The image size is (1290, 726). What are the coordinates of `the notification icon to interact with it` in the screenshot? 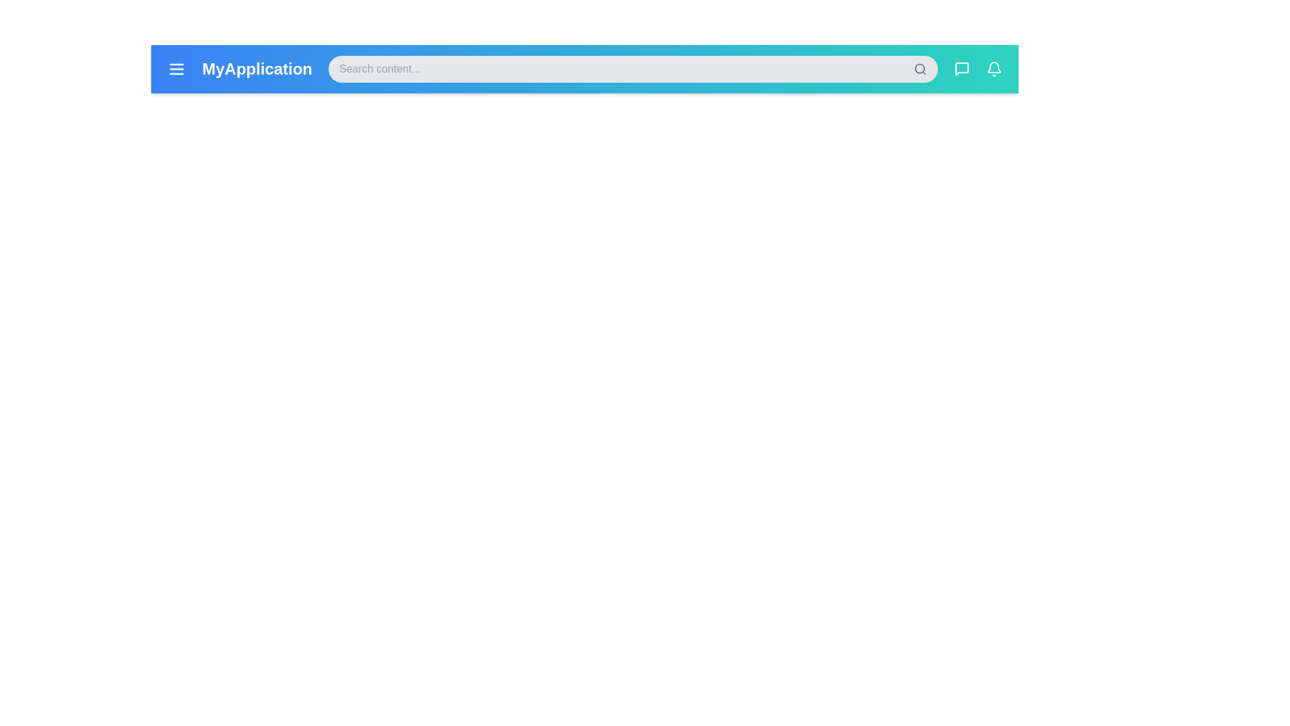 It's located at (994, 69).